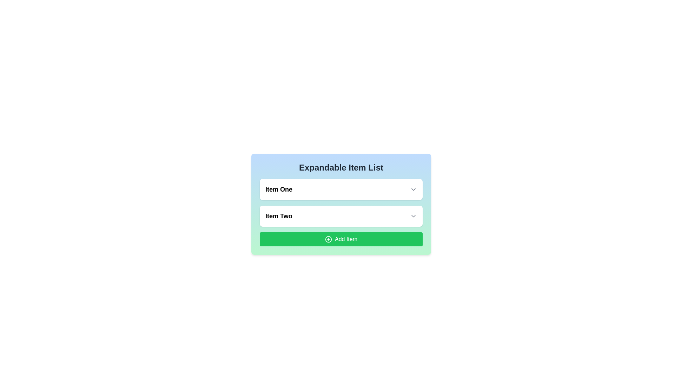 The image size is (674, 379). What do you see at coordinates (413, 189) in the screenshot?
I see `the interactive icon resembling a downward chevron, located to the right of the label 'Item One', to trigger a hover effect` at bounding box center [413, 189].